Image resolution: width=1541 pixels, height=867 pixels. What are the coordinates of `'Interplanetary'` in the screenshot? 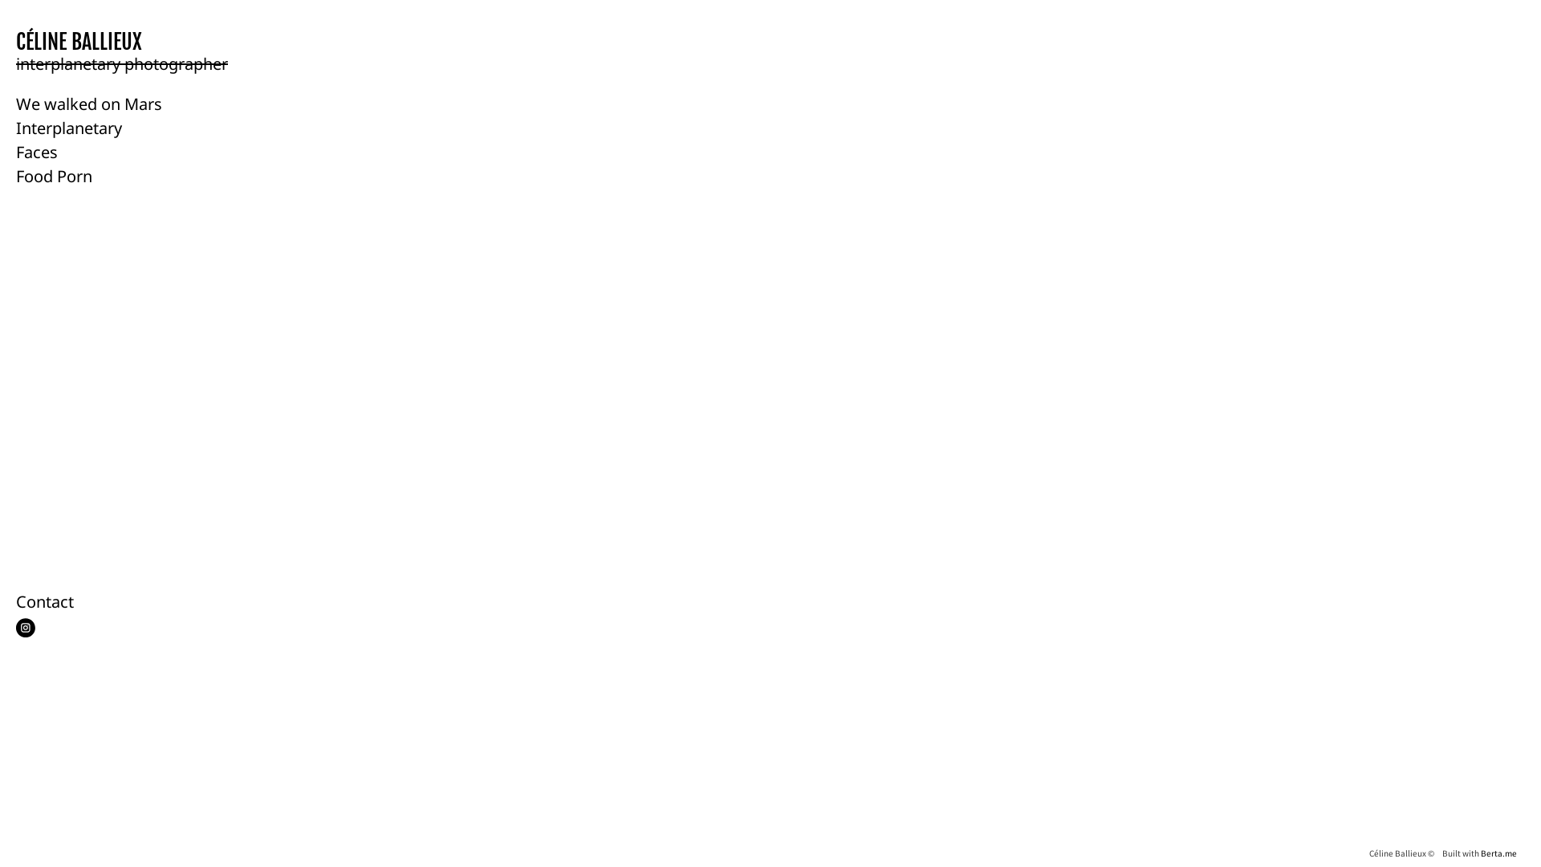 It's located at (68, 127).